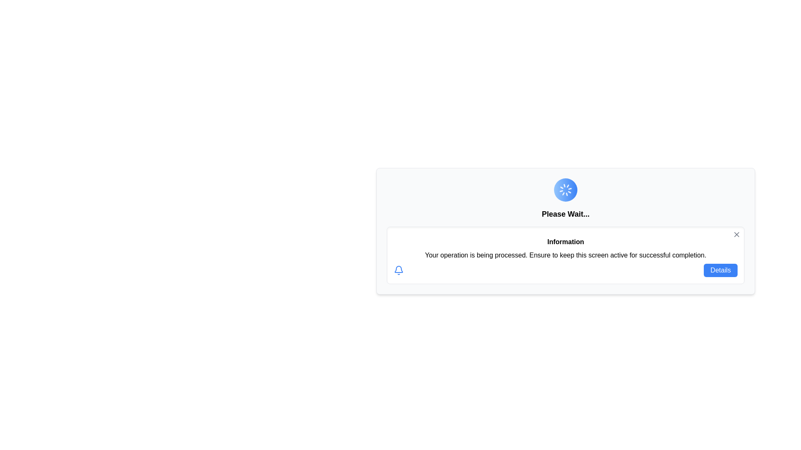 This screenshot has width=801, height=450. What do you see at coordinates (565, 213) in the screenshot?
I see `the Text Label displaying 'Please Wait...' which is styled in bold font and positioned within a light gray rounded rectangular background, indicating a loading status` at bounding box center [565, 213].